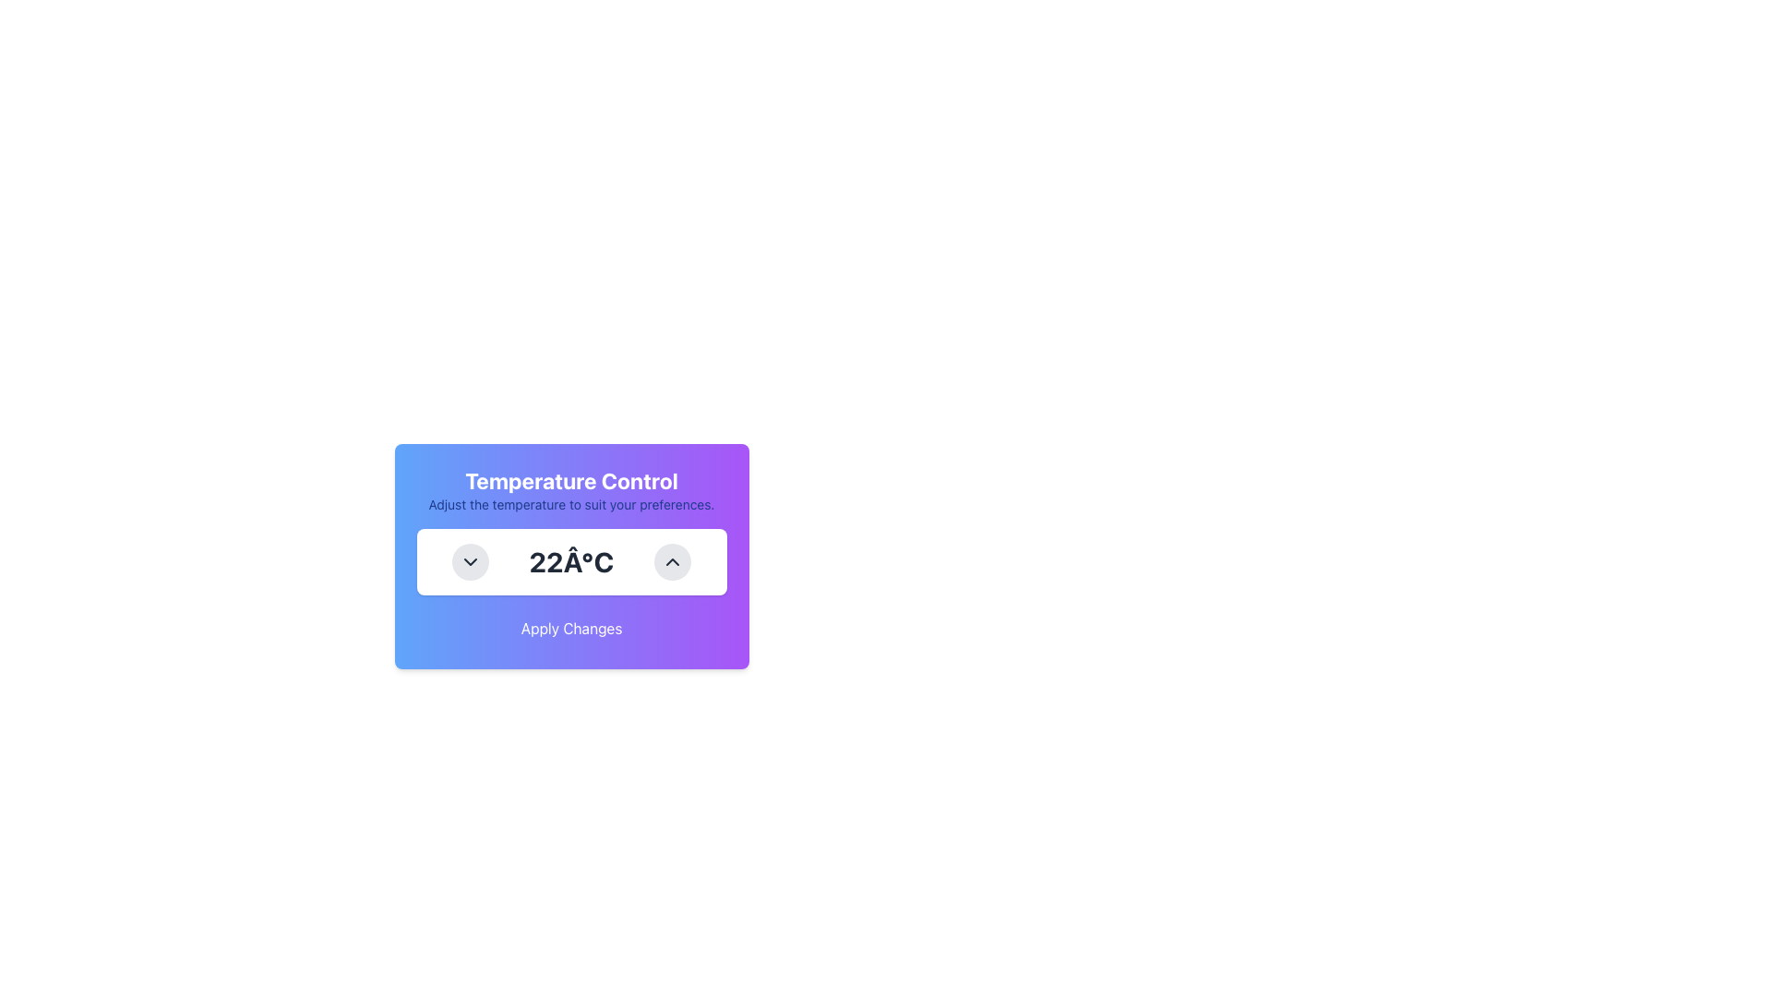 Image resolution: width=1772 pixels, height=997 pixels. What do you see at coordinates (570, 561) in the screenshot?
I see `the static text element displaying the current temperature setting, located at the center of the temperature control options interface` at bounding box center [570, 561].